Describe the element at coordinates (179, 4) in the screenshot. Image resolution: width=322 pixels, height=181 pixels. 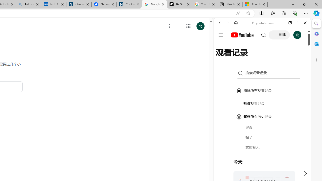
I see `'Be Smart | creating Science videos | Patreon'` at that location.